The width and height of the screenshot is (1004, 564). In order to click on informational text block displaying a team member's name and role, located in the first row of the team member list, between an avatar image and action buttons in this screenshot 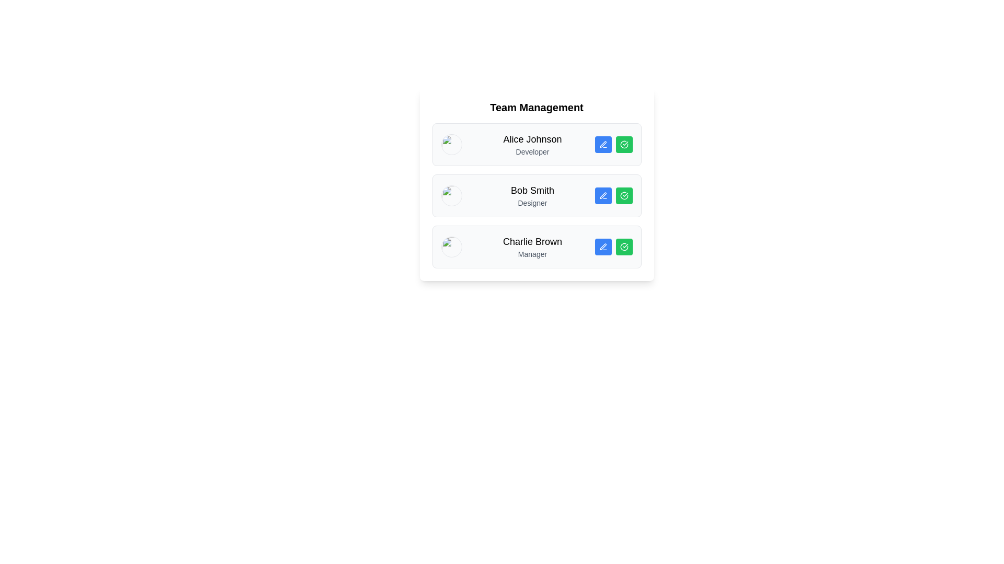, I will do `click(532, 145)`.